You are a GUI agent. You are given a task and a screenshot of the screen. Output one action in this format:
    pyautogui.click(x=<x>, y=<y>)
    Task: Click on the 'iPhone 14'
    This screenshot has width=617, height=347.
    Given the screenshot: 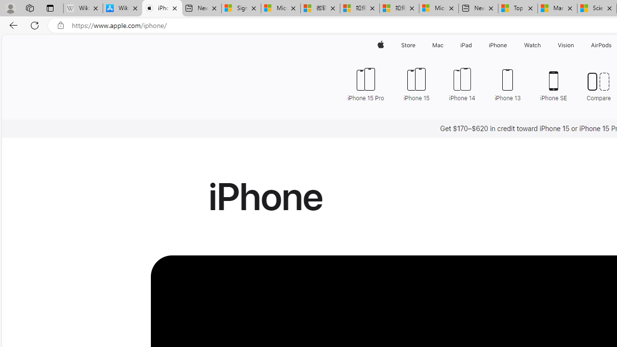 What is the action you would take?
    pyautogui.click(x=461, y=83)
    